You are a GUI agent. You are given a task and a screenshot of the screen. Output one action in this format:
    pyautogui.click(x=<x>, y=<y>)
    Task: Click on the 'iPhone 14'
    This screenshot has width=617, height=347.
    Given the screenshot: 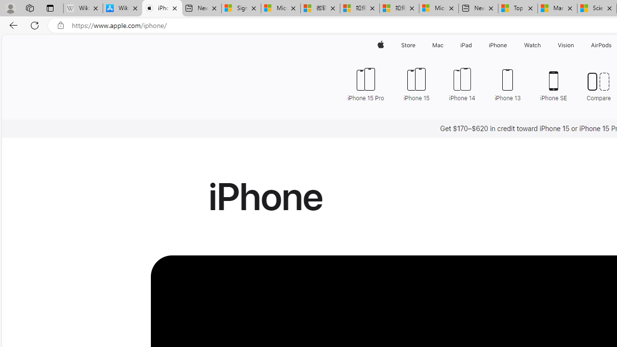 What is the action you would take?
    pyautogui.click(x=461, y=83)
    